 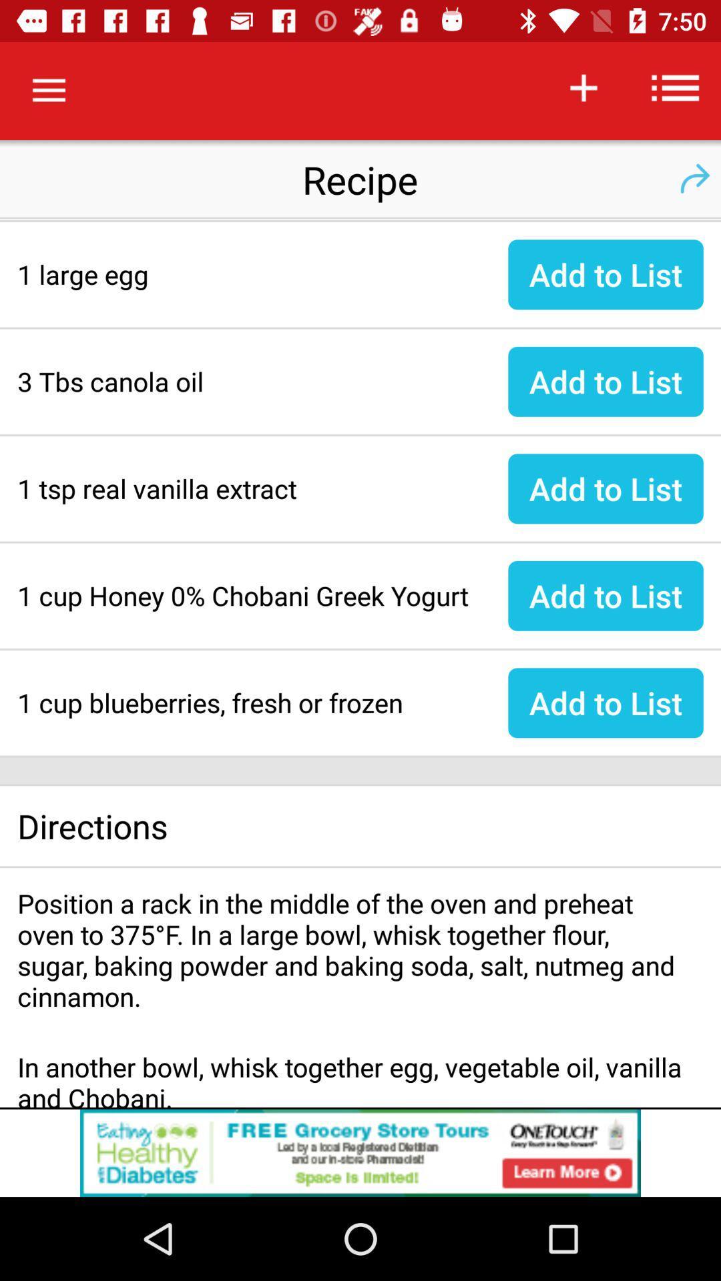 I want to click on the icon of  symbol, so click(x=583, y=87).